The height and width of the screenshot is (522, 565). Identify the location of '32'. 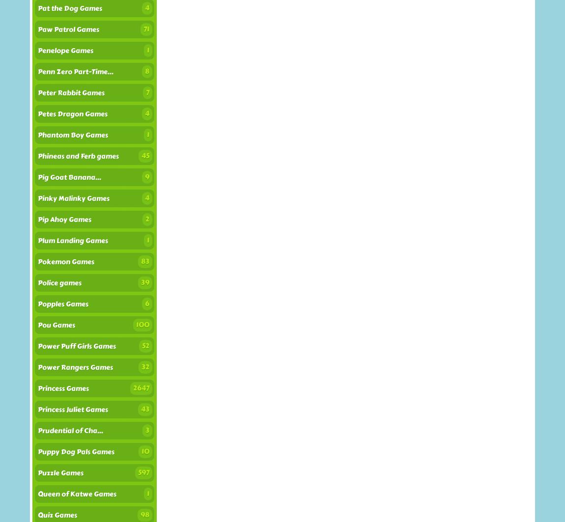
(145, 366).